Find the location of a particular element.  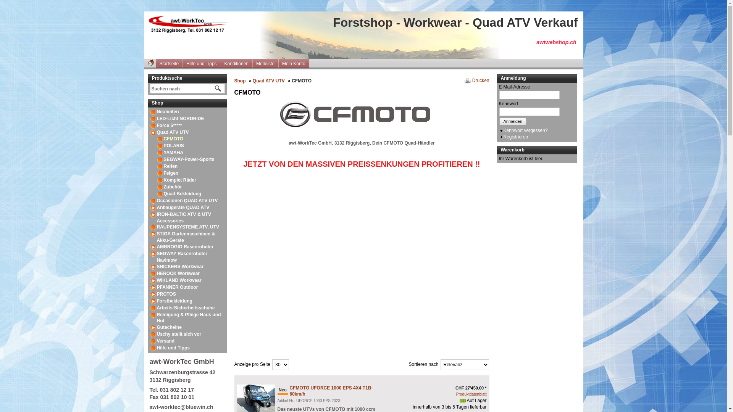

'Quad ATV UTV' is located at coordinates (172, 132).